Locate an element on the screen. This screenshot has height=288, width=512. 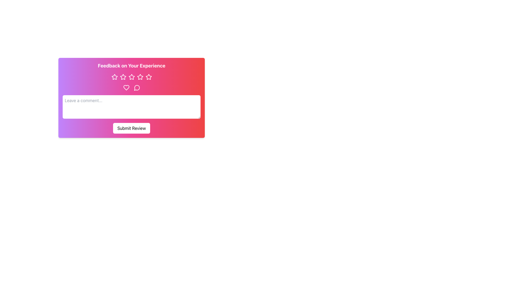
the visual state of the first star icon in the horizontal rating stars located at the top section of the feedback modal to assess the rating is located at coordinates (114, 77).